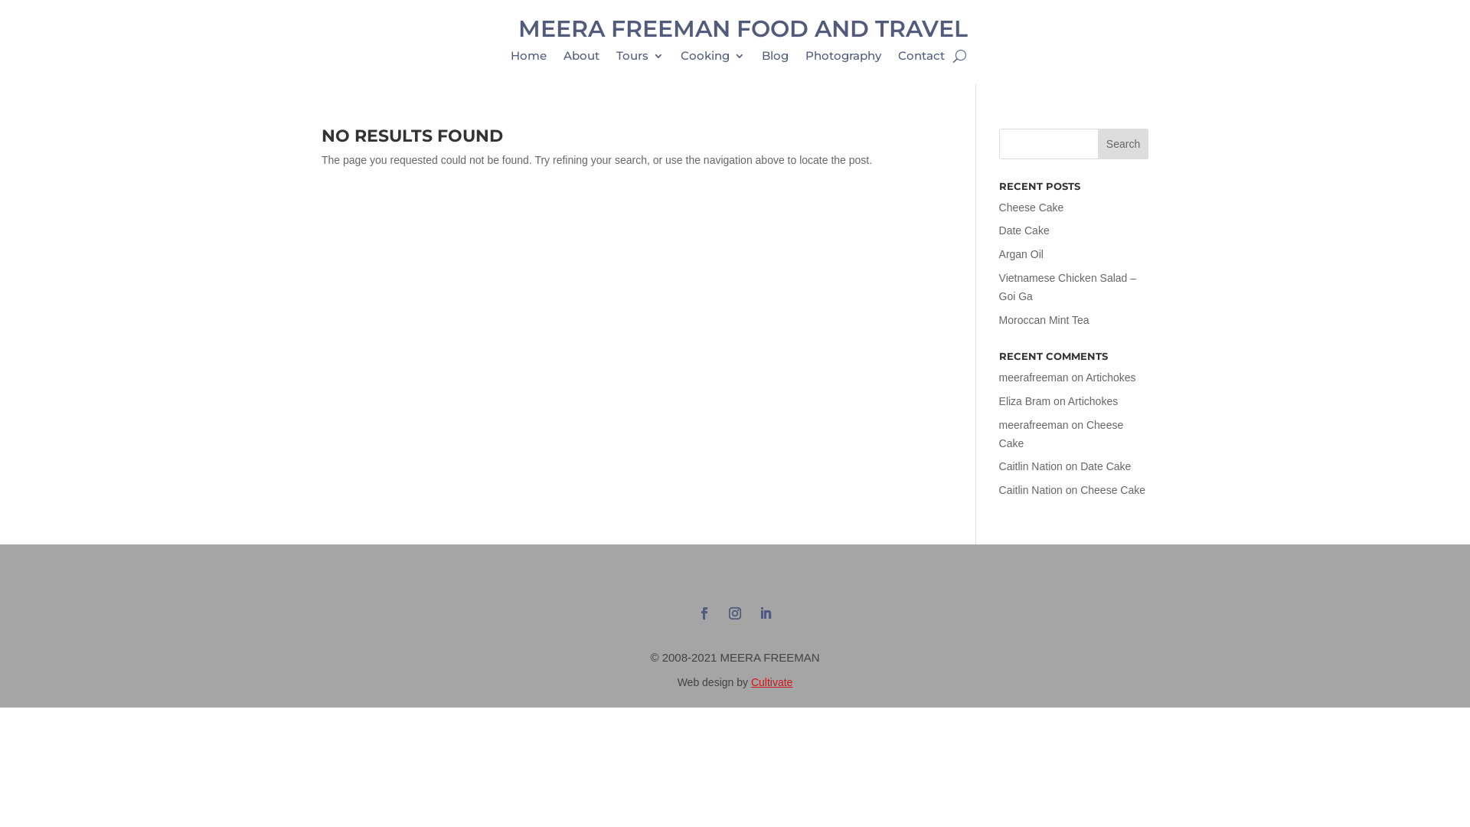 Image resolution: width=1470 pixels, height=827 pixels. Describe the element at coordinates (999, 400) in the screenshot. I see `'Eliza Bram'` at that location.